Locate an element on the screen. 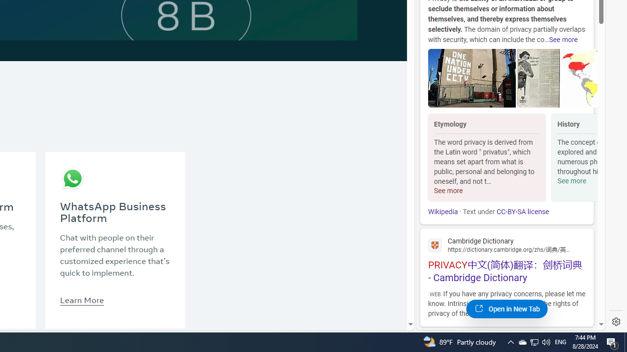 The height and width of the screenshot is (352, 627). 'Wikipedia' is located at coordinates (442, 211).